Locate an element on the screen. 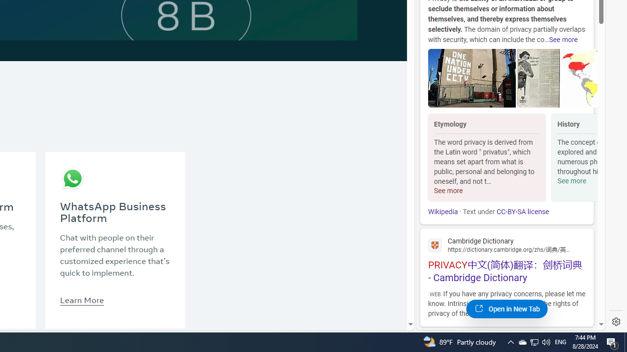 The height and width of the screenshot is (352, 627). 'Wikipedia' is located at coordinates (442, 211).